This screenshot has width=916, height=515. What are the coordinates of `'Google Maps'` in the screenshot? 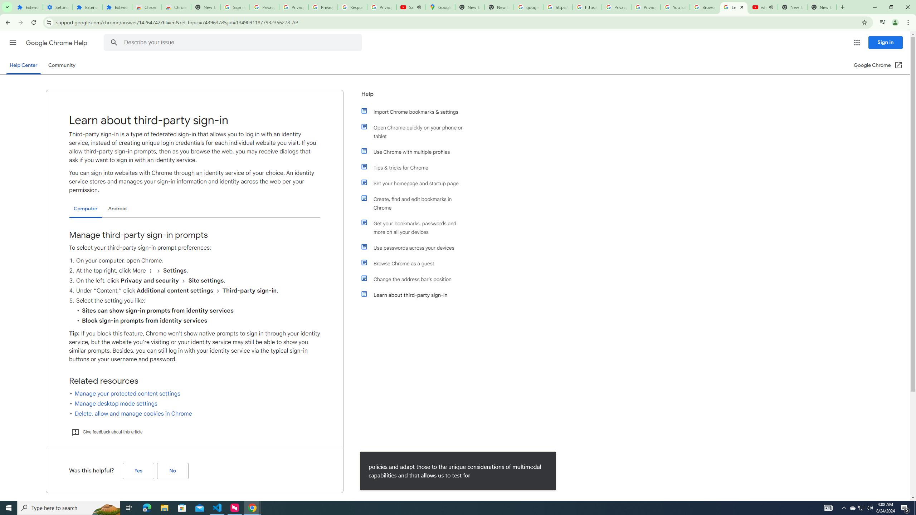 It's located at (440, 7).